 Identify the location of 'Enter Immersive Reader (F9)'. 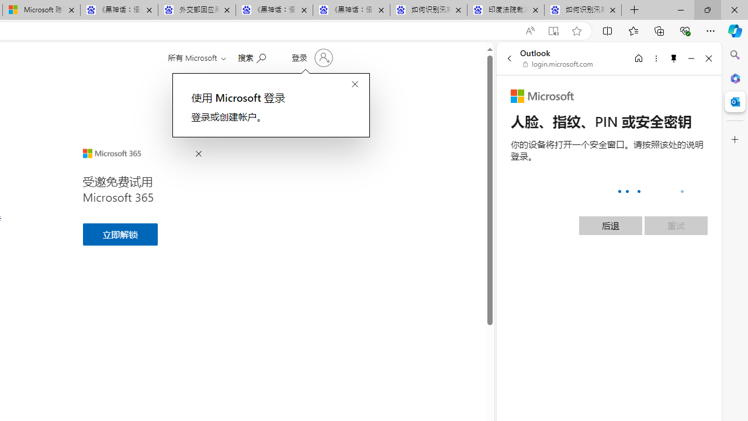
(552, 30).